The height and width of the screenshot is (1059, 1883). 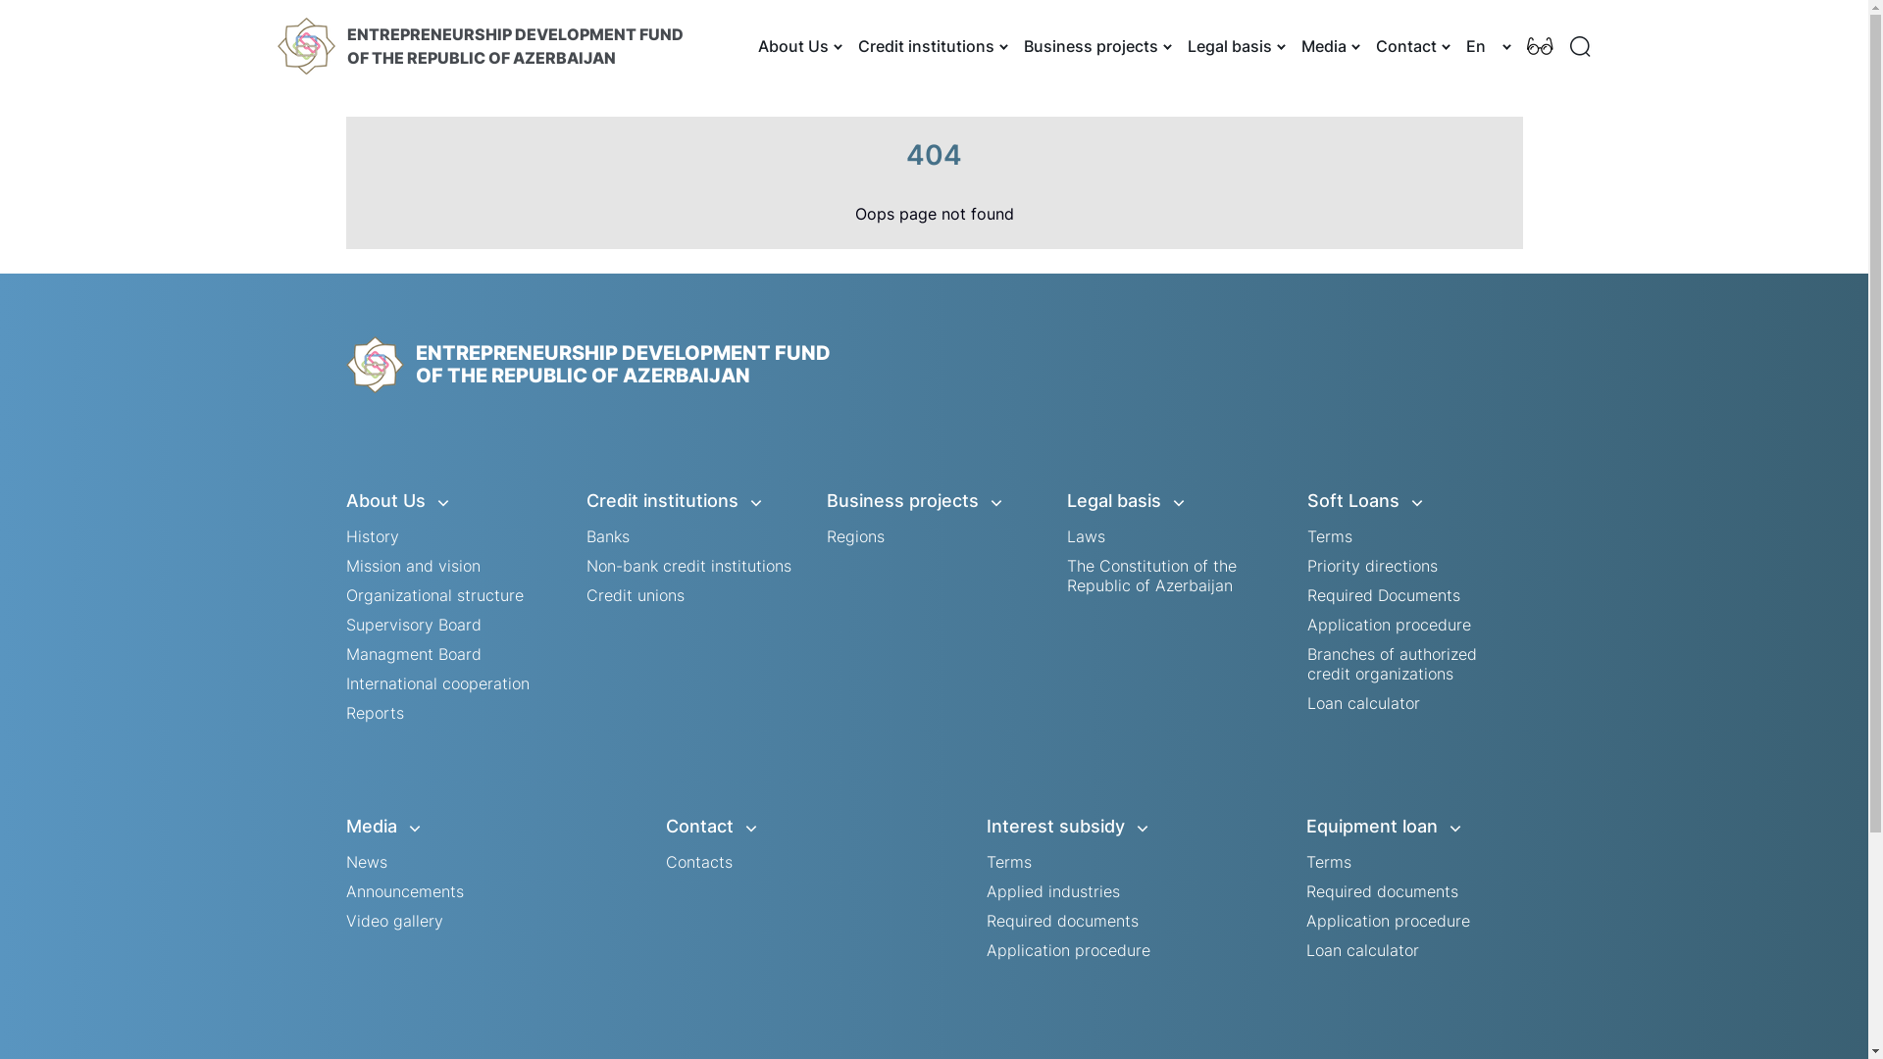 What do you see at coordinates (854, 536) in the screenshot?
I see `'Regions'` at bounding box center [854, 536].